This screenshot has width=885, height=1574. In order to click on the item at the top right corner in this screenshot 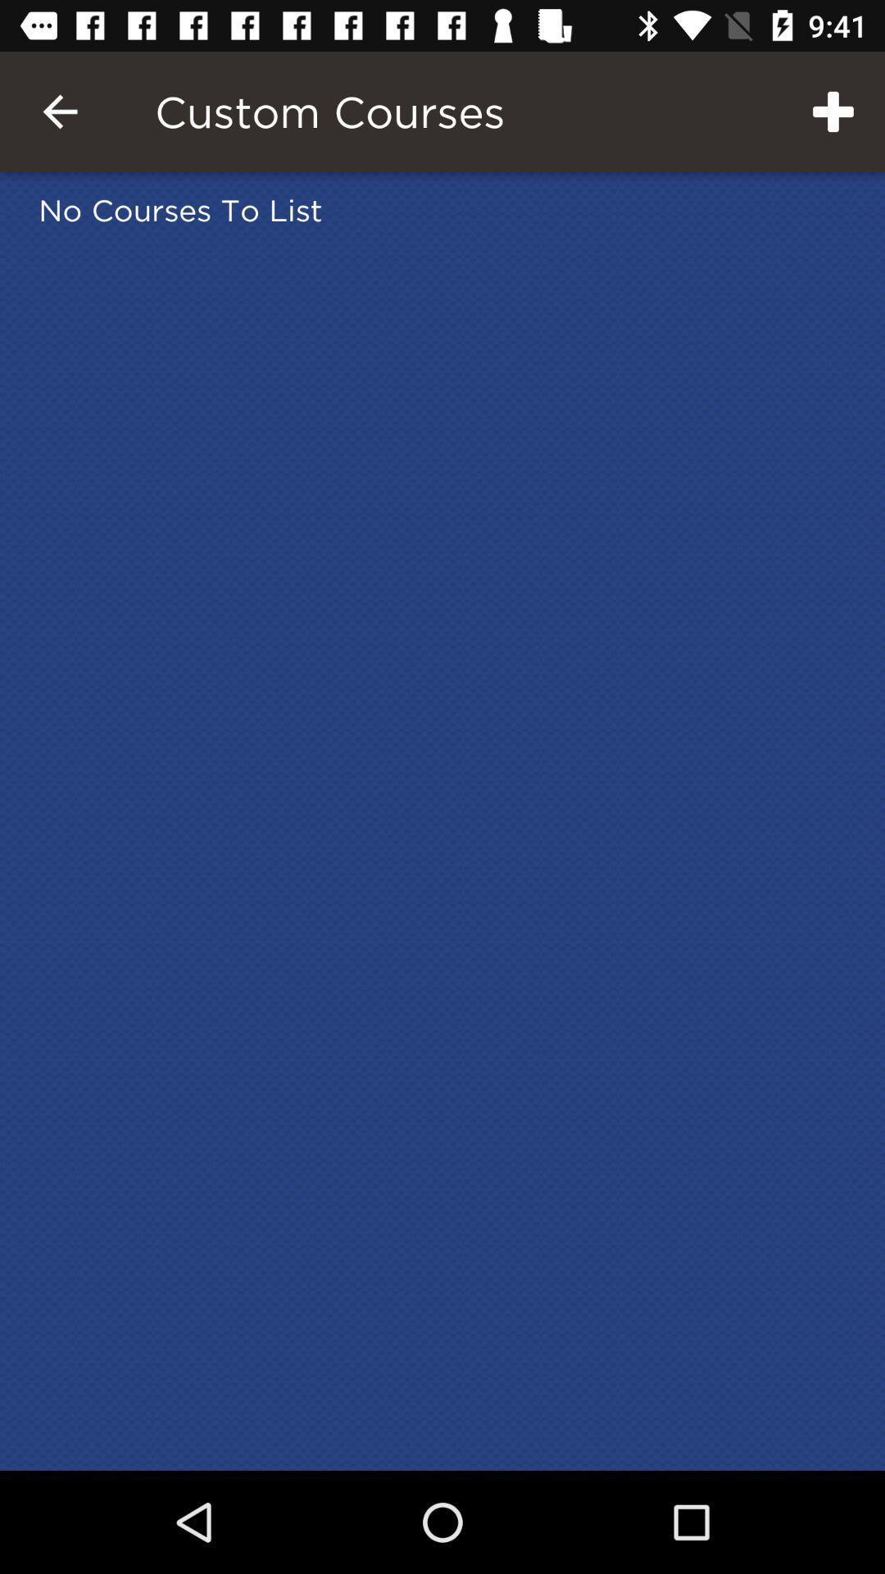, I will do `click(833, 111)`.